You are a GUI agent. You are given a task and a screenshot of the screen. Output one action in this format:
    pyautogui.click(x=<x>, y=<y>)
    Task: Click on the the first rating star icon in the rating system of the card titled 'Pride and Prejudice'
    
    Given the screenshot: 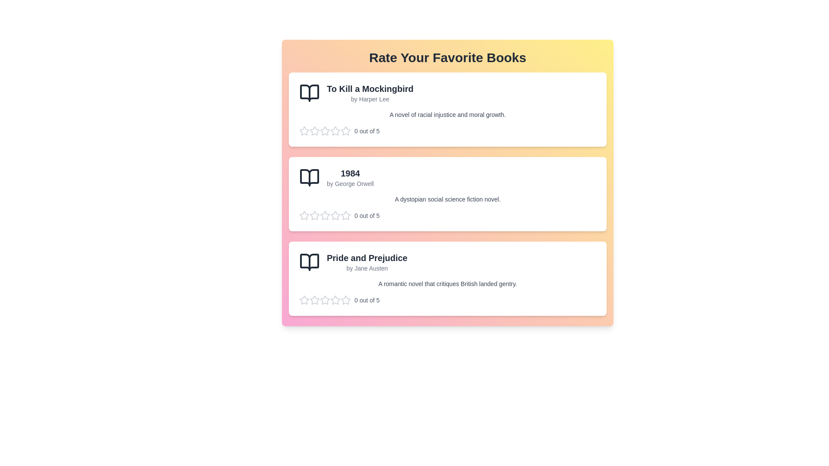 What is the action you would take?
    pyautogui.click(x=346, y=299)
    